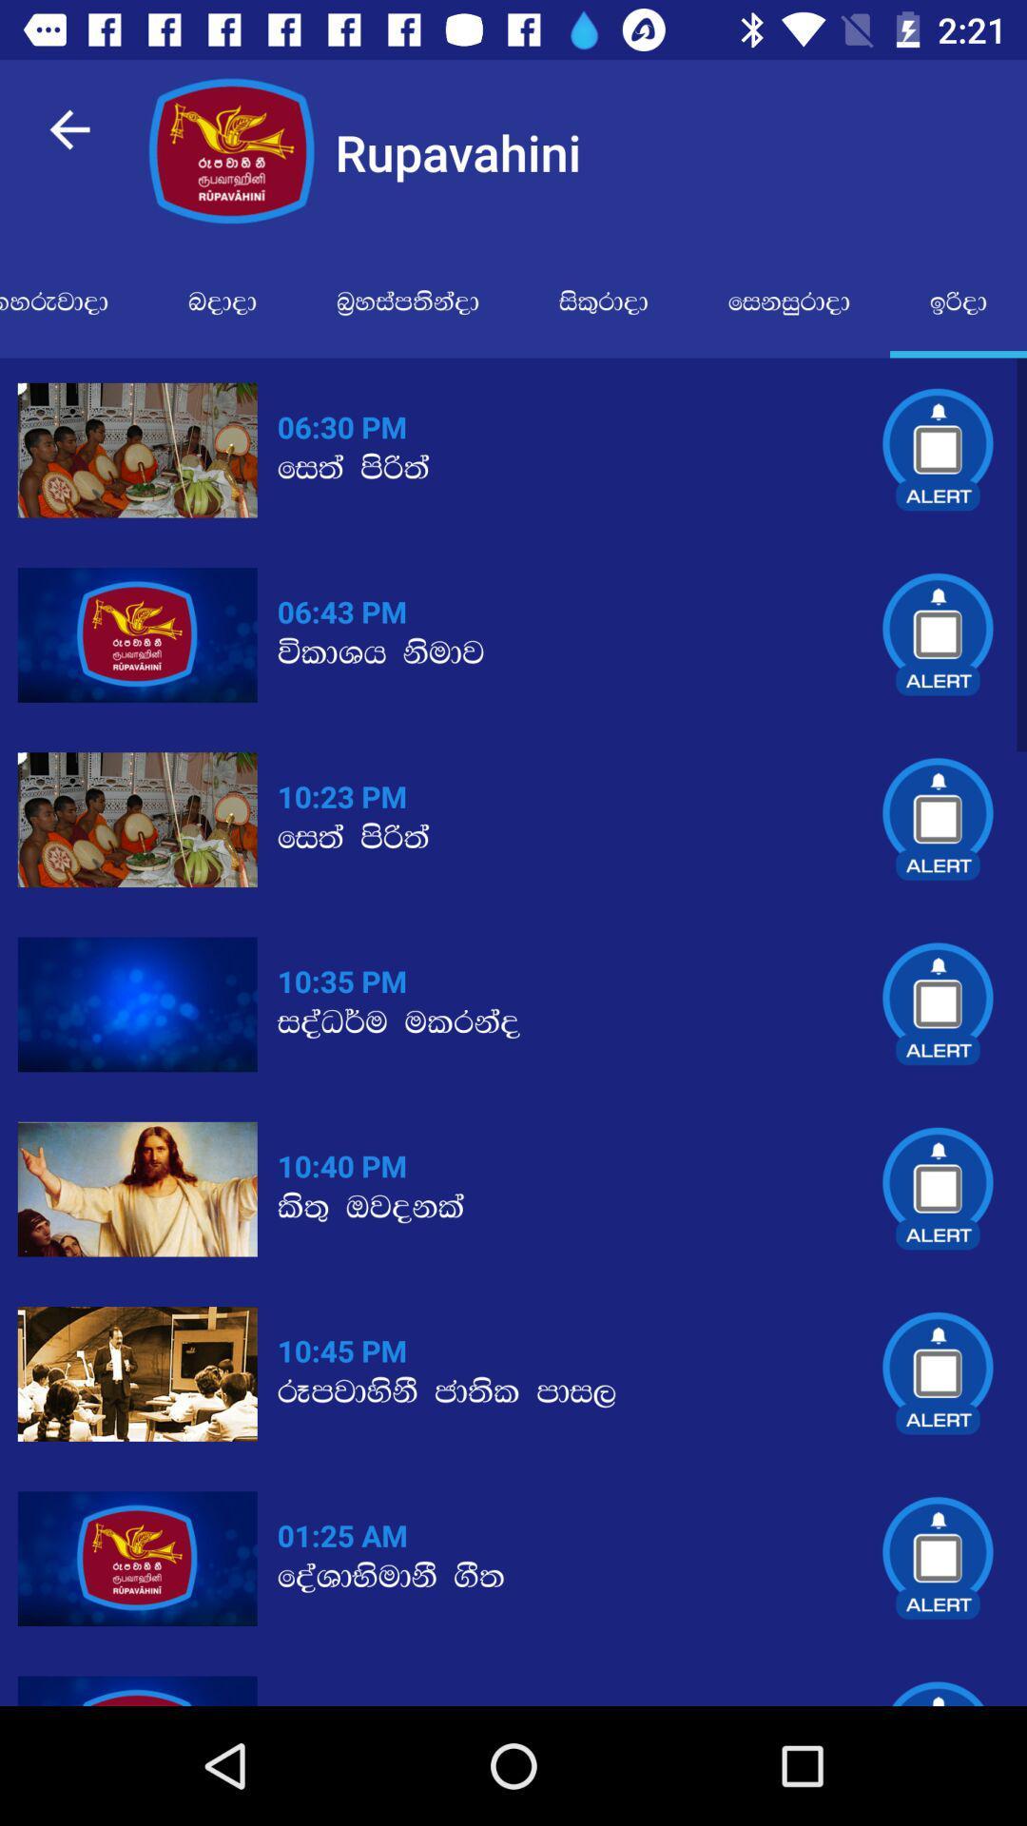  I want to click on the image which is just beside 1040 pm, so click(137, 1189).